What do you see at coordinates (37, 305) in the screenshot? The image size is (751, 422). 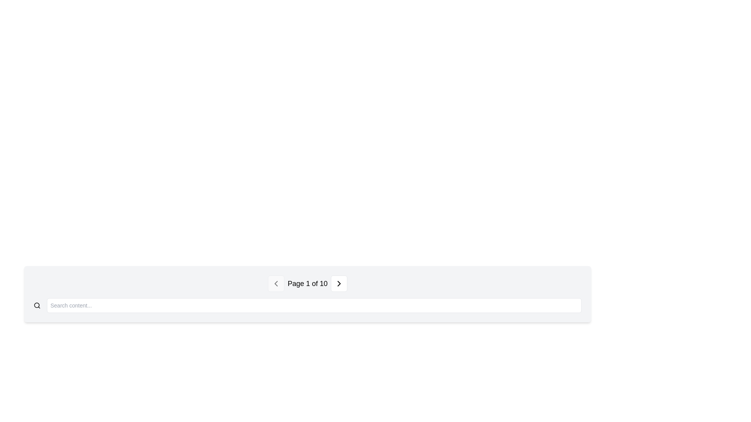 I see `the small magnifying glass icon to the left of the search text input field to initiate a search` at bounding box center [37, 305].